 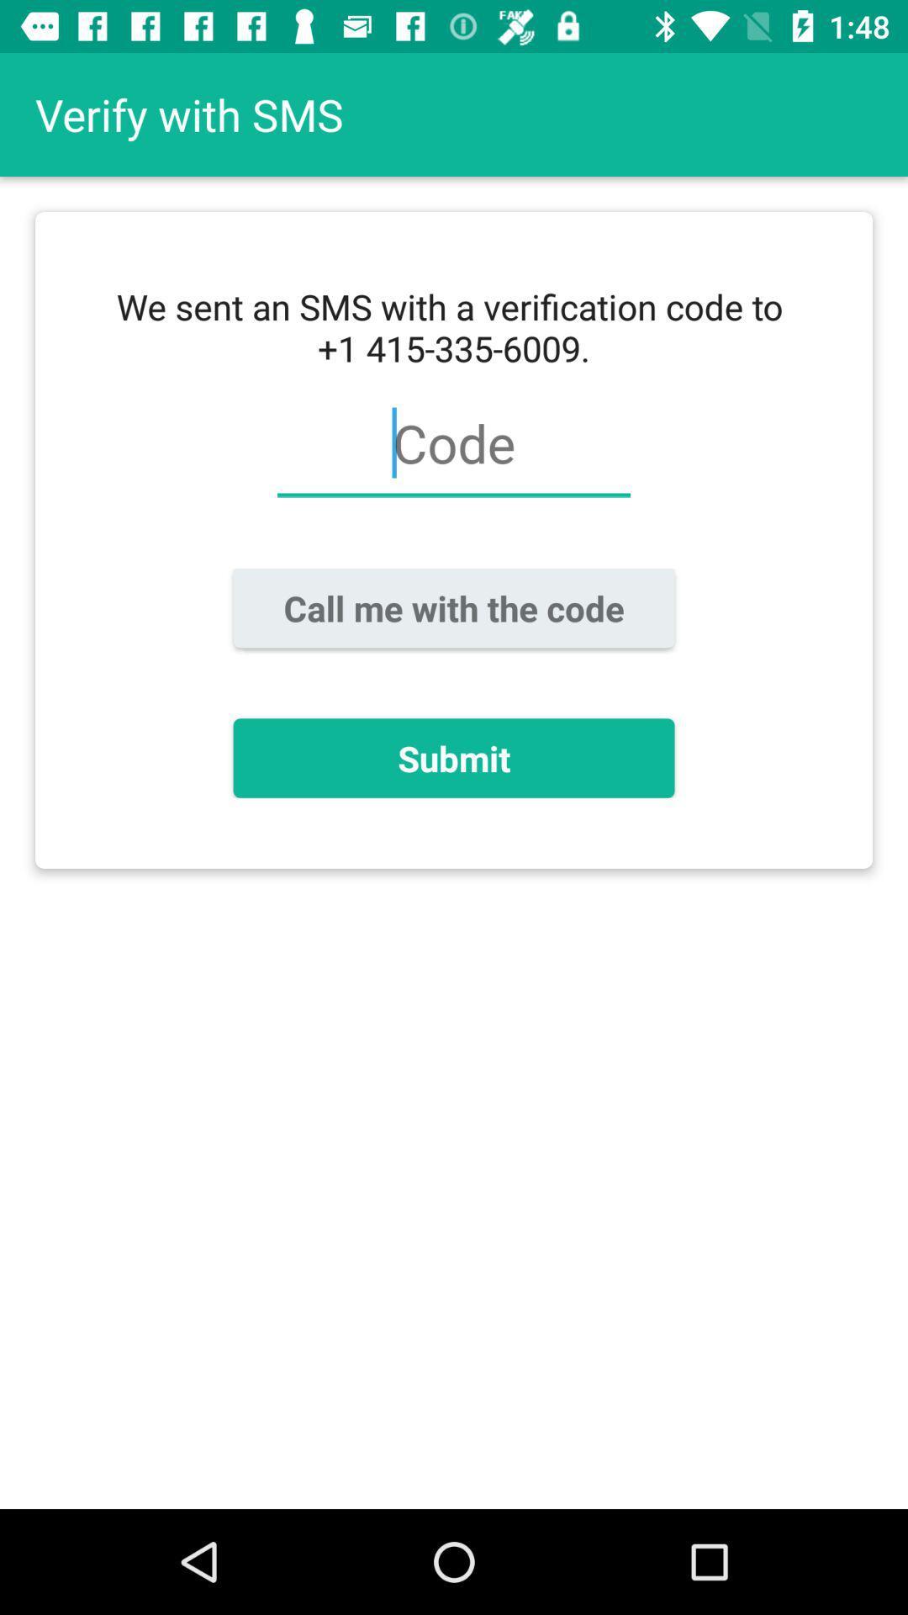 What do you see at coordinates (454, 453) in the screenshot?
I see `icon below we sent an icon` at bounding box center [454, 453].